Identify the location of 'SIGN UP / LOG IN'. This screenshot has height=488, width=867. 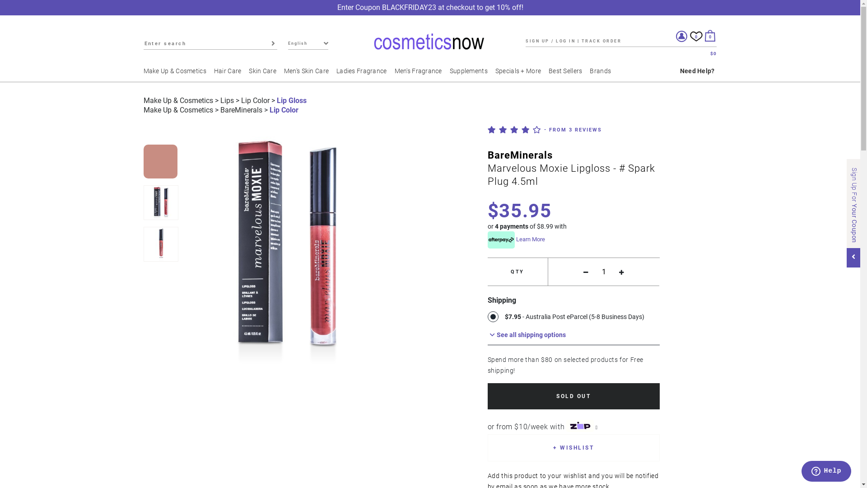
(550, 41).